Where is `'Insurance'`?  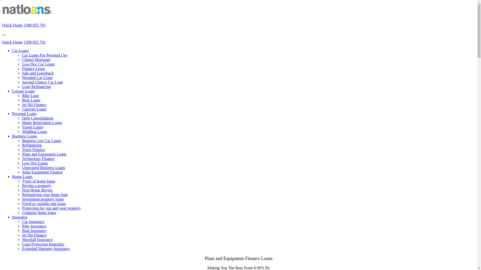 'Insurance' is located at coordinates (20, 217).